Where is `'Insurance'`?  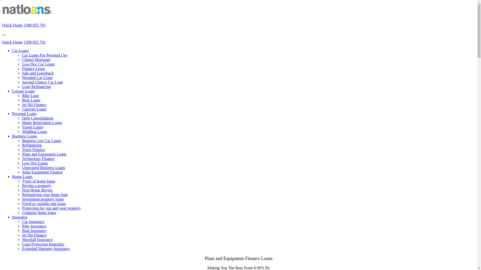 'Insurance' is located at coordinates (20, 217).